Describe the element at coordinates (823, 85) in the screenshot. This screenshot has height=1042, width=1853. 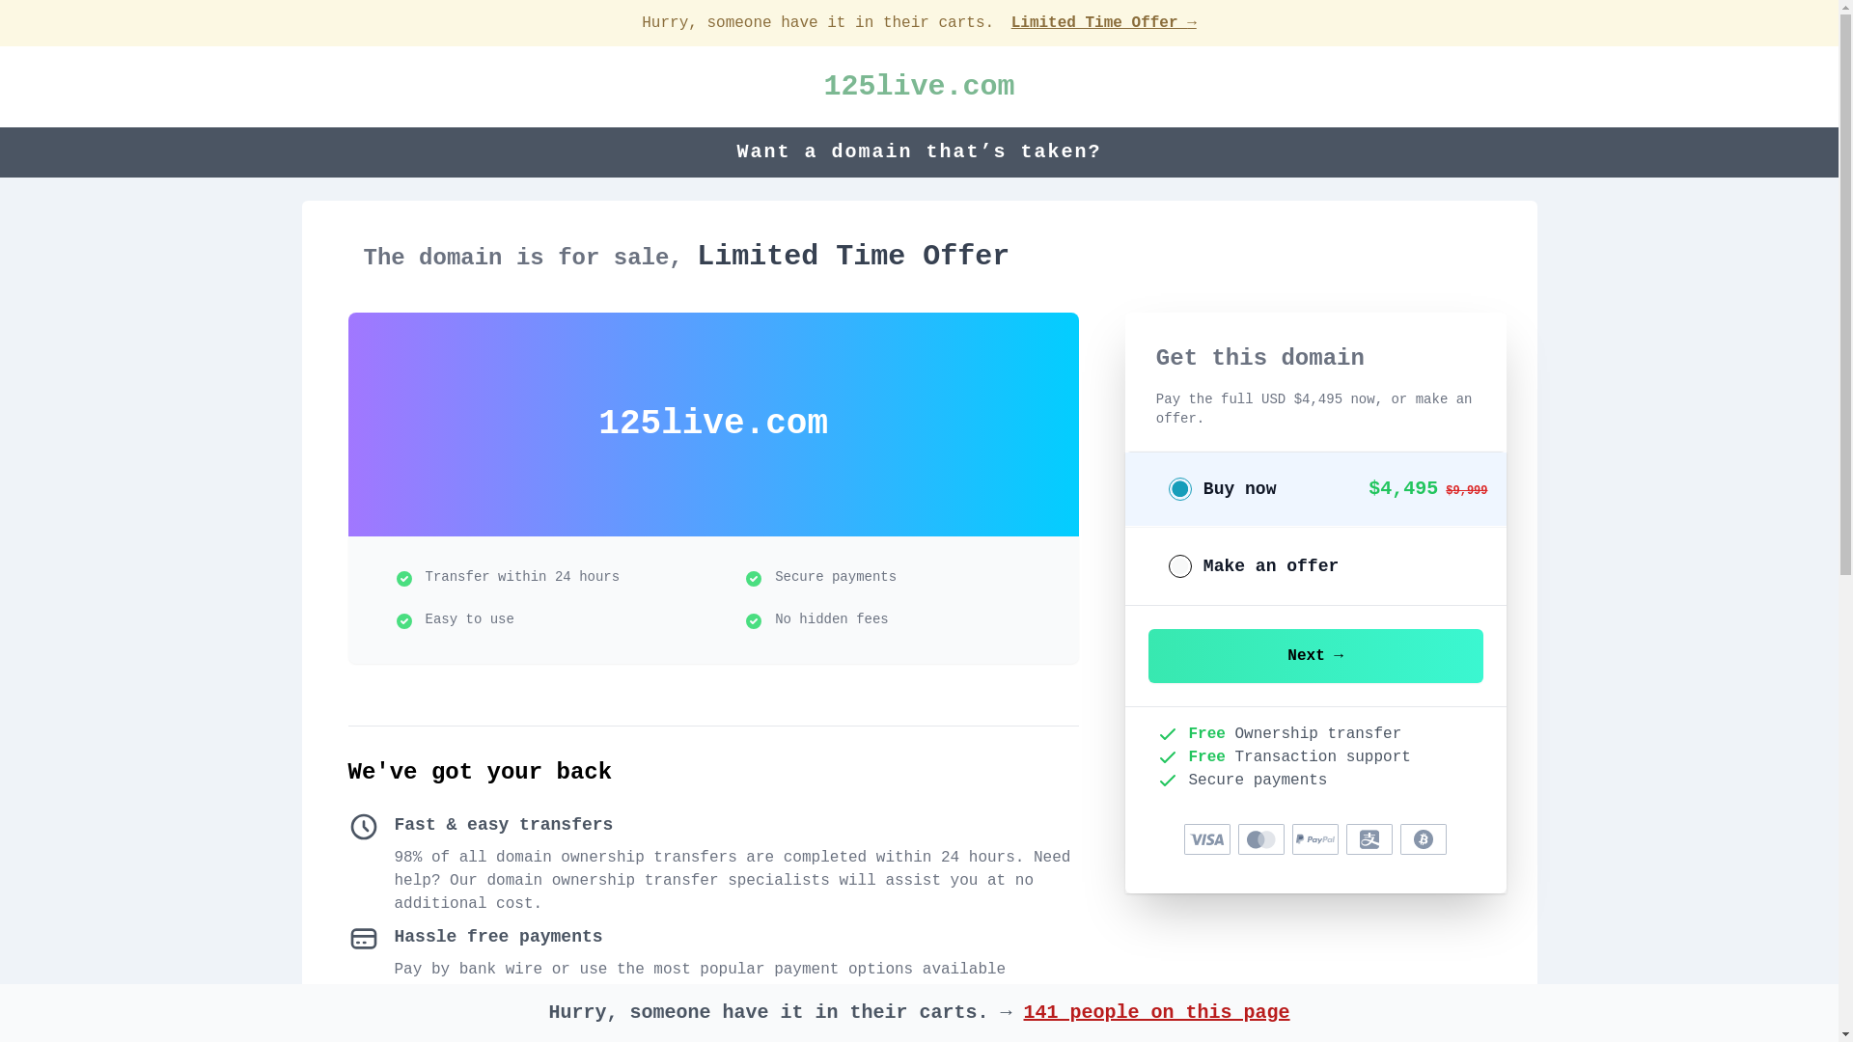
I see `'125live.com'` at that location.